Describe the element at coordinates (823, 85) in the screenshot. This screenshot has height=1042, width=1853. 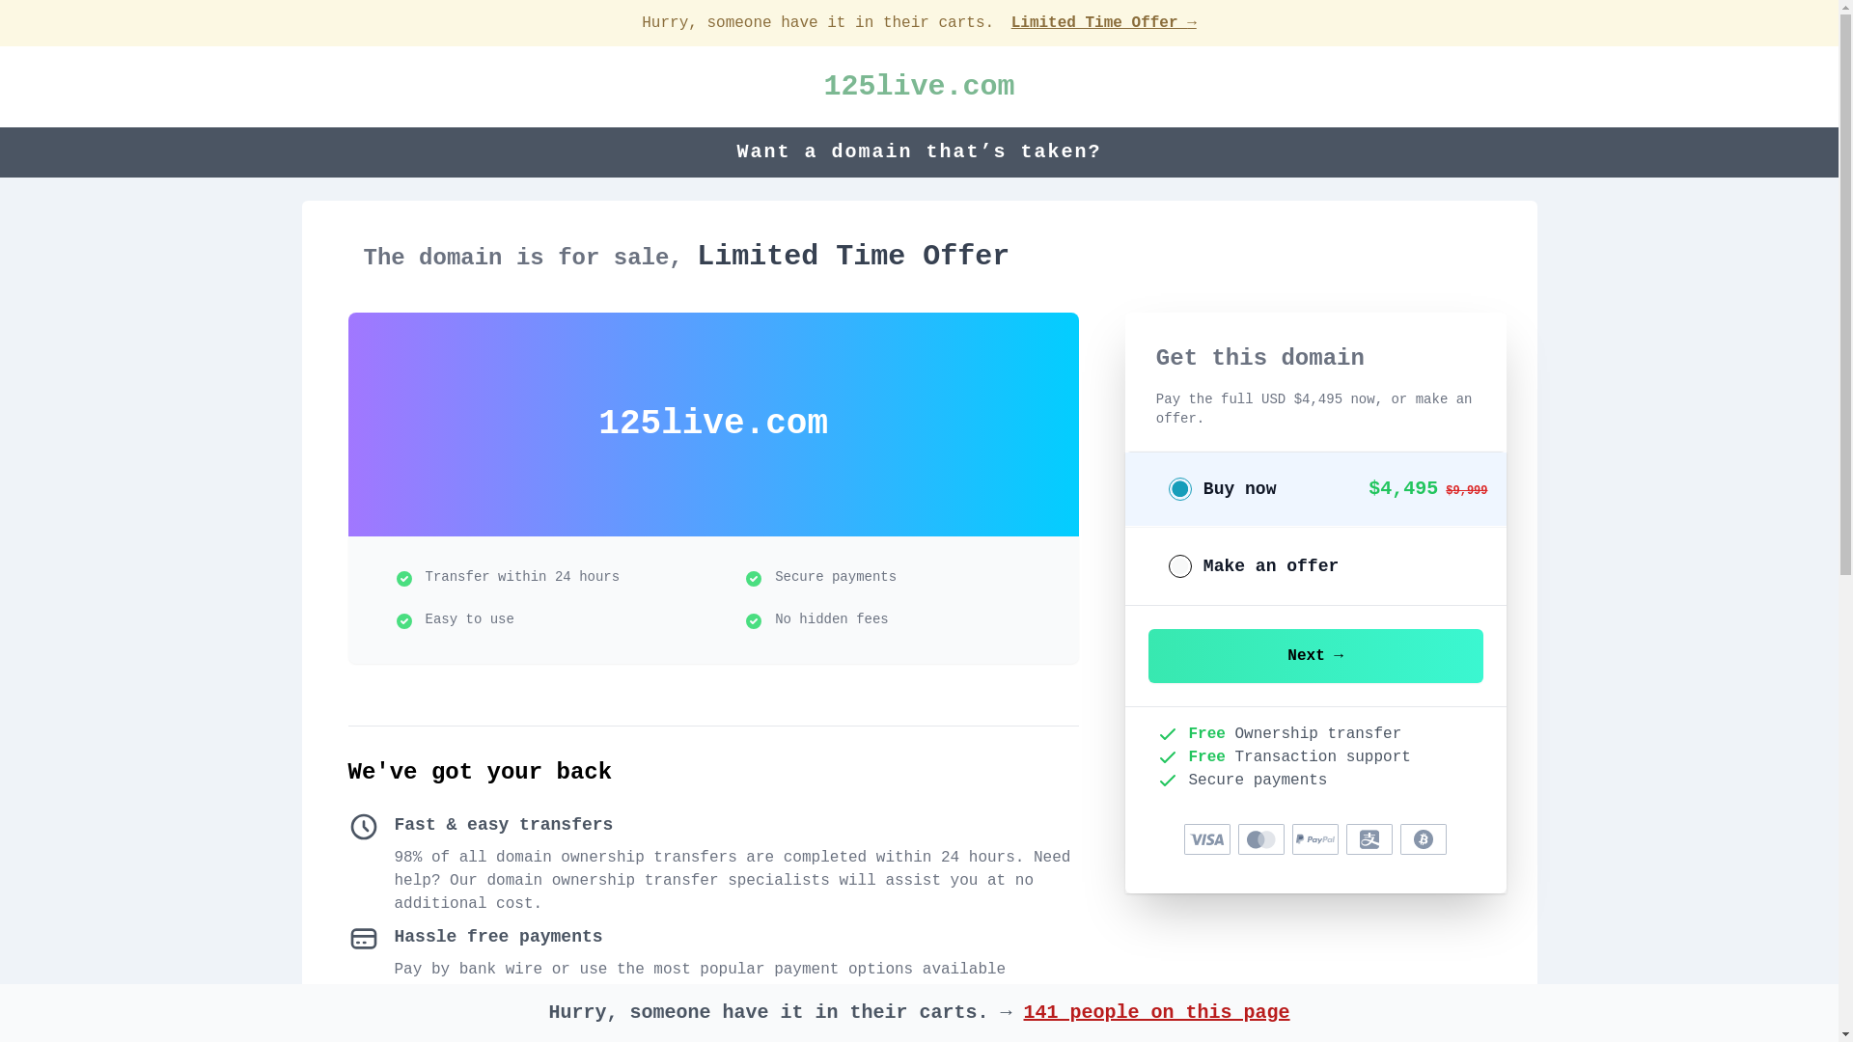
I see `'125live.com'` at that location.